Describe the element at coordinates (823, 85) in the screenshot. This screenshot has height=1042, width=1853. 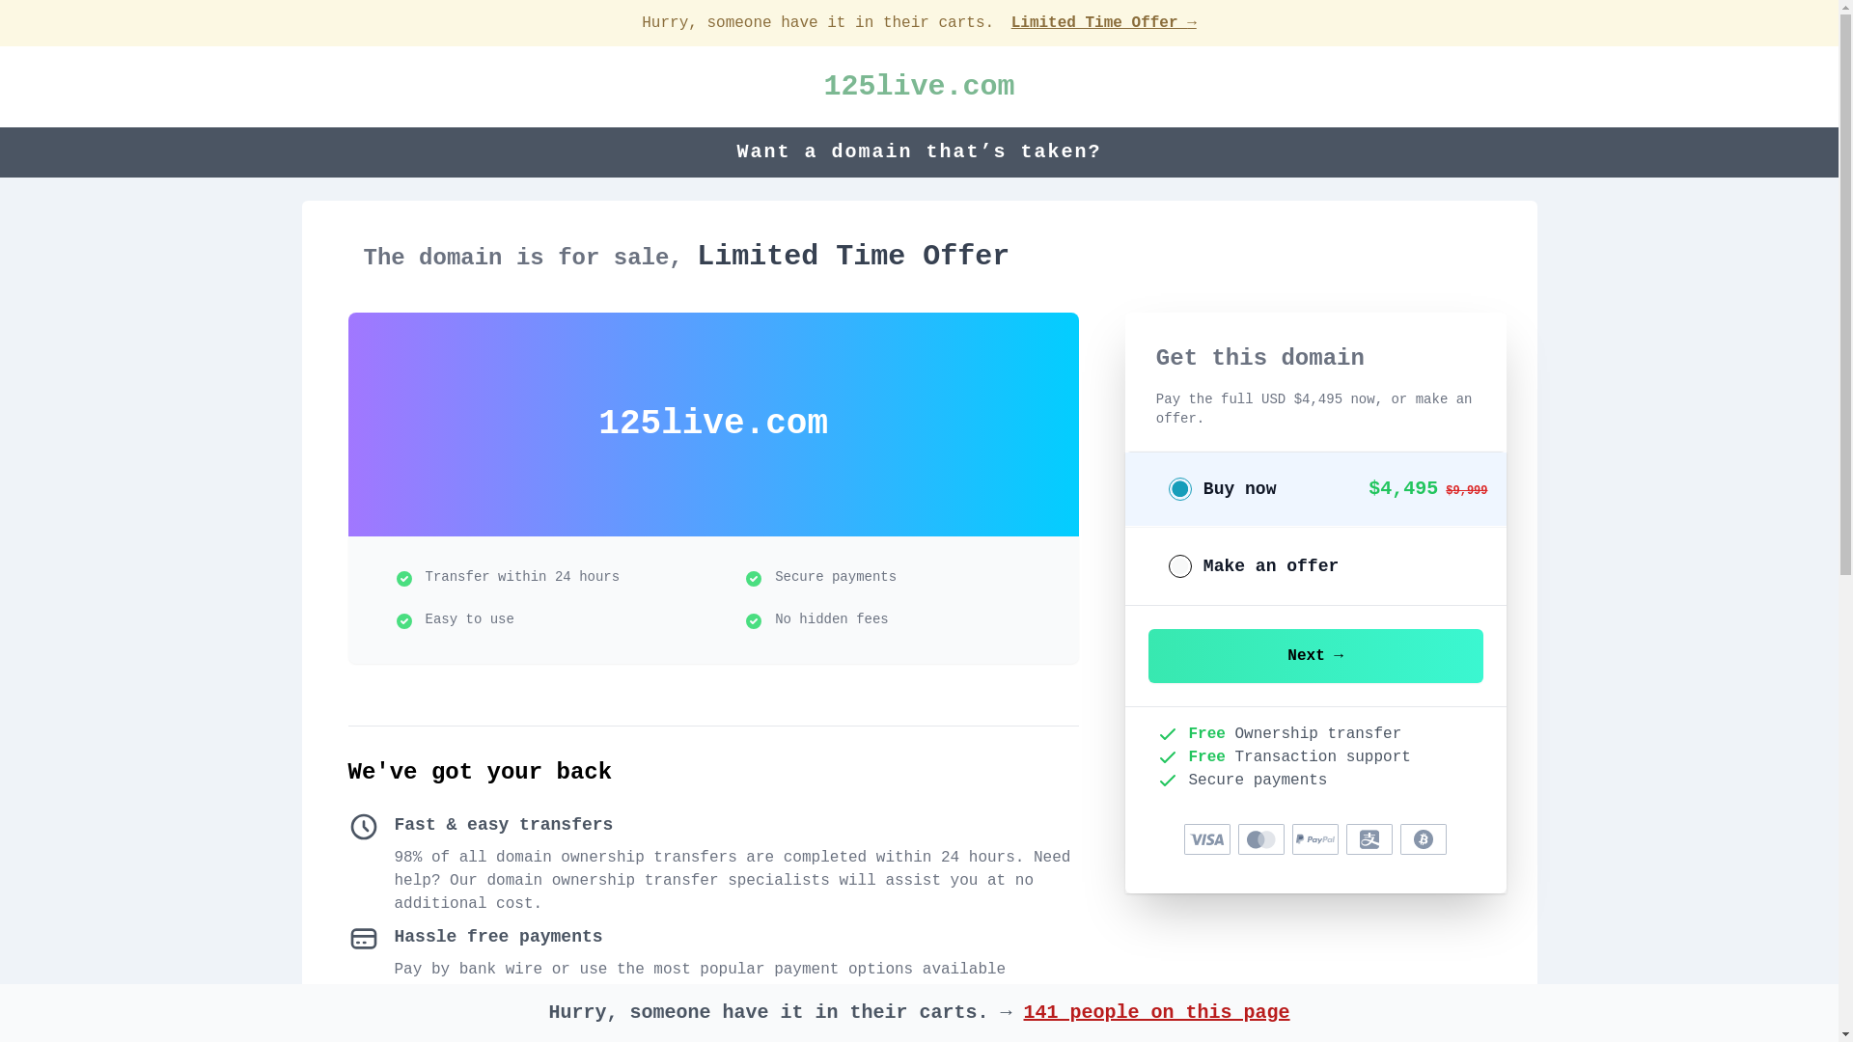
I see `'125live.com'` at that location.